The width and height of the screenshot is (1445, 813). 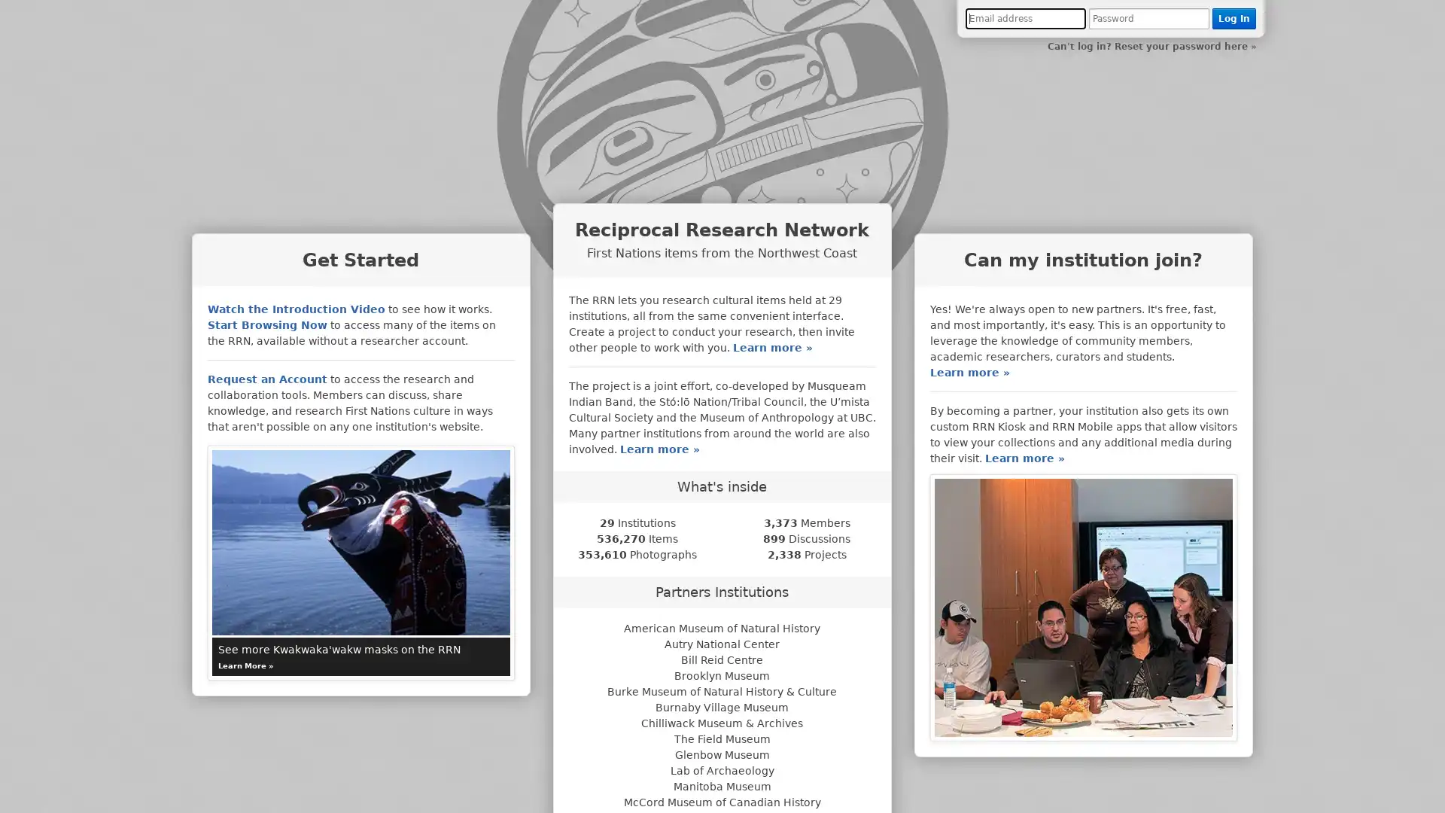 What do you see at coordinates (1234, 18) in the screenshot?
I see `Log In` at bounding box center [1234, 18].